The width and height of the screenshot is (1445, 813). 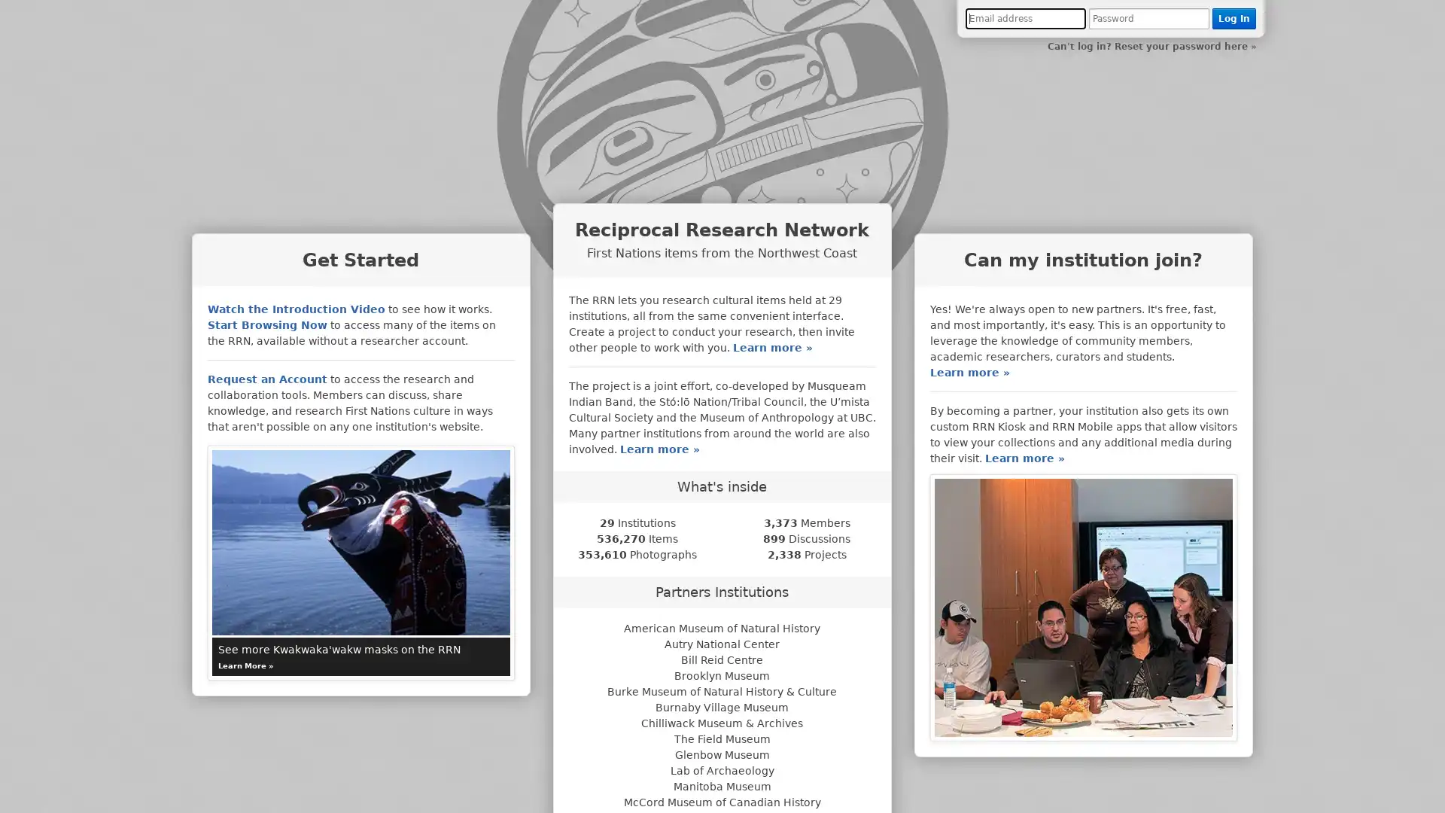 What do you see at coordinates (1234, 18) in the screenshot?
I see `Log In` at bounding box center [1234, 18].